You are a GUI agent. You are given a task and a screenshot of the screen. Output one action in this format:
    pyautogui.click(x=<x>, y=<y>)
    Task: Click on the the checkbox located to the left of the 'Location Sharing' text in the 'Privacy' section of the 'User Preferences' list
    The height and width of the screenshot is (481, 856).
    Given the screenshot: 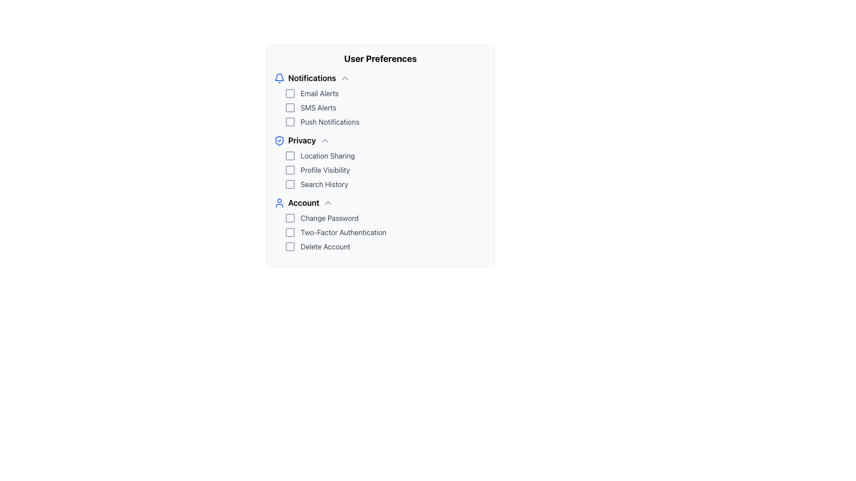 What is the action you would take?
    pyautogui.click(x=290, y=155)
    